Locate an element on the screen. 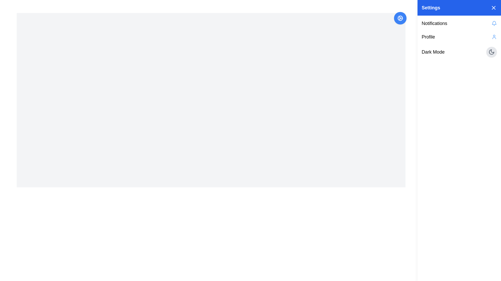 This screenshot has height=281, width=501. the bold 'Settings' text label, which is styled with a white font on a blue background, located centrally in the top bar of the right-side settings panel is located at coordinates (431, 8).